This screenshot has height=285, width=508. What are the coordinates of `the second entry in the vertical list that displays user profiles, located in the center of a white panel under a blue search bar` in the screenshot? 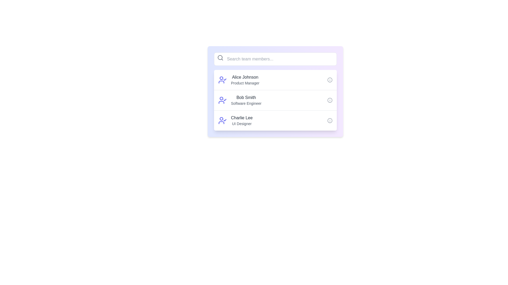 It's located at (275, 100).